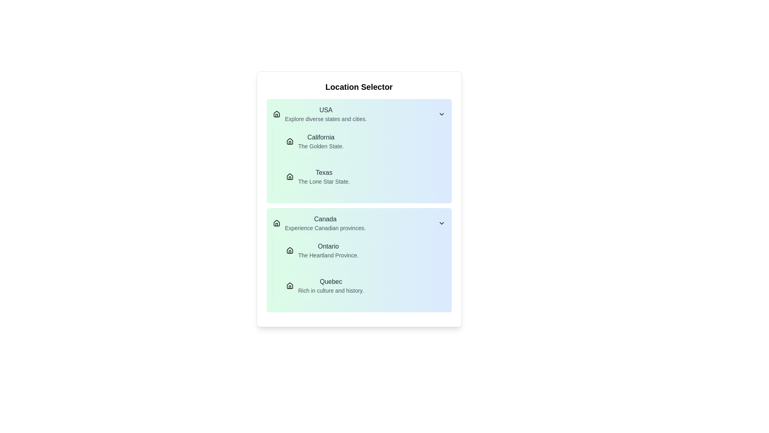 Image resolution: width=769 pixels, height=433 pixels. What do you see at coordinates (326, 119) in the screenshot?
I see `the text label displaying 'Explore diverse states and cities.' which is styled in small gray text and positioned below the 'USA' text label` at bounding box center [326, 119].